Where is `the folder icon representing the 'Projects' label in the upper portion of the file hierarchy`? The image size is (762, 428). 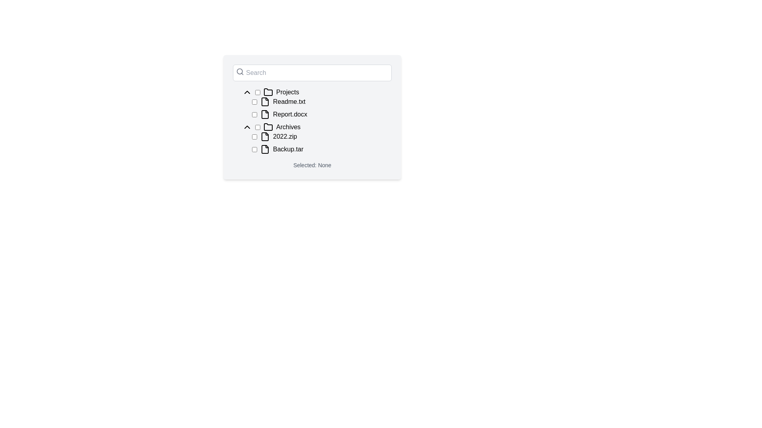
the folder icon representing the 'Projects' label in the upper portion of the file hierarchy is located at coordinates (268, 92).